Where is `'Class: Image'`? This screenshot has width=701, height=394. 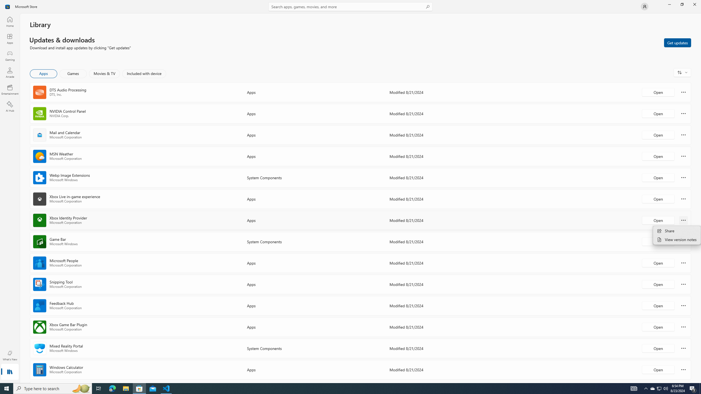
'Class: Image' is located at coordinates (8, 6).